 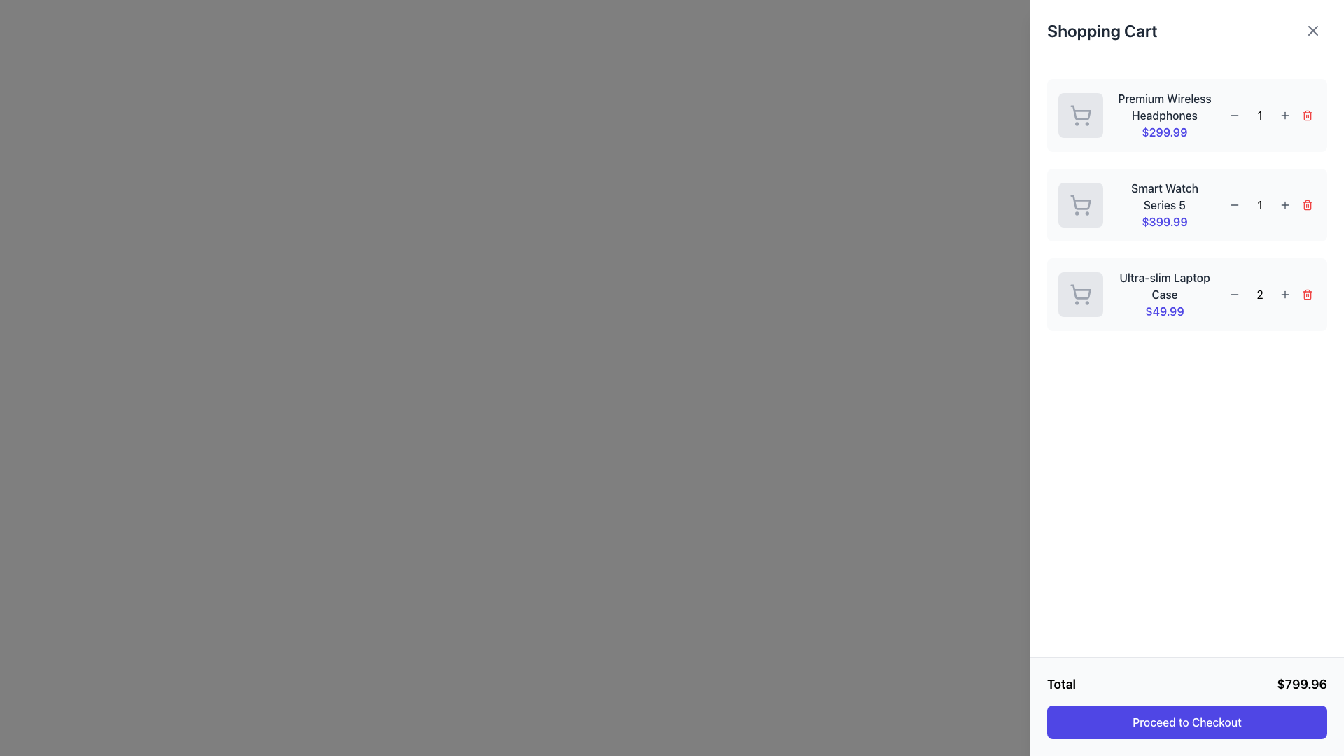 I want to click on the 'X' icon in the top-right corner of the Shopping Cart panel, so click(x=1312, y=30).